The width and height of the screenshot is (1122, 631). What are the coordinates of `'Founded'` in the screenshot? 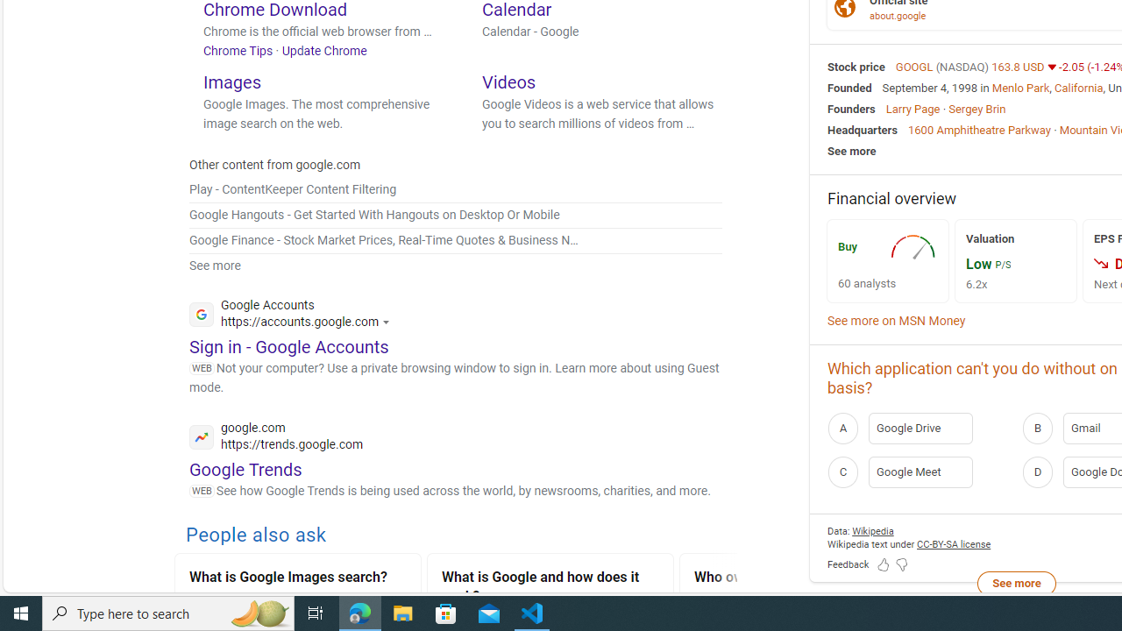 It's located at (849, 88).